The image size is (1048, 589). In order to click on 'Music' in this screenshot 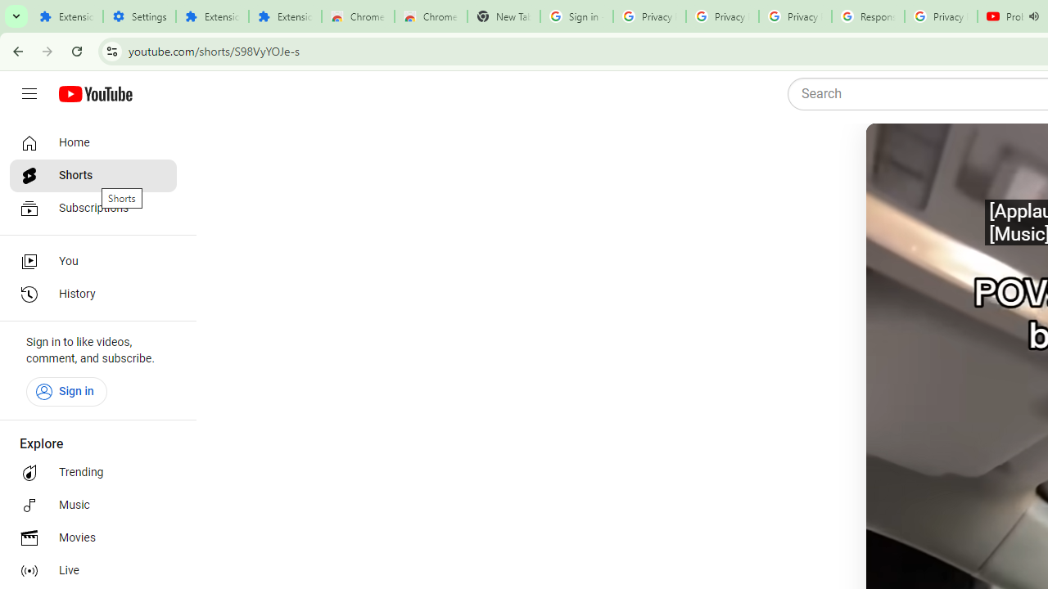, I will do `click(92, 505)`.